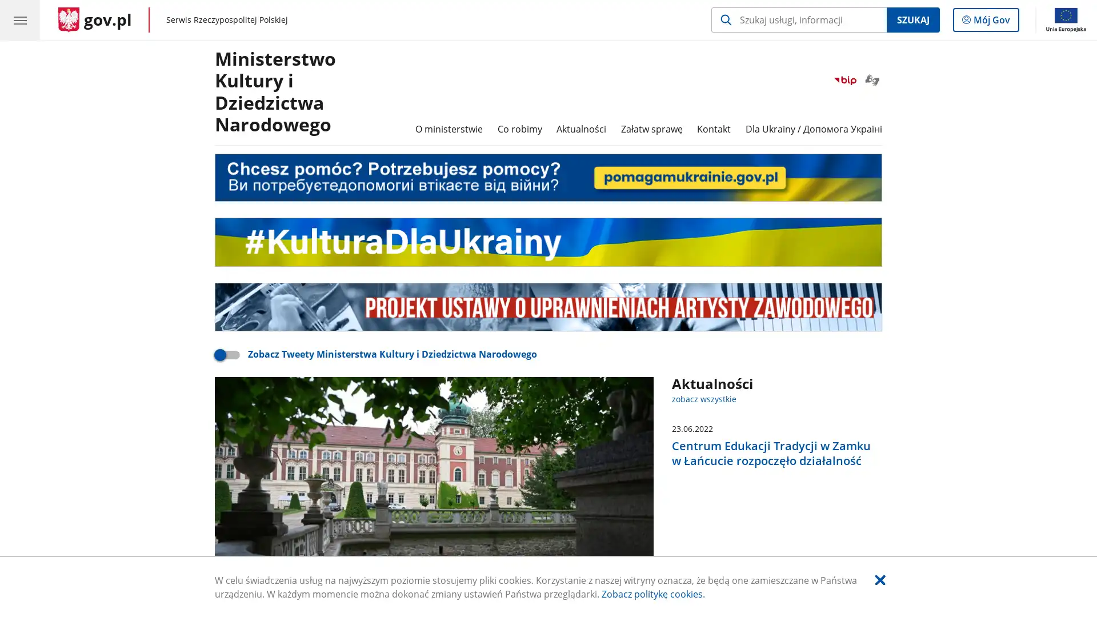 This screenshot has width=1097, height=617. Describe the element at coordinates (912, 19) in the screenshot. I see `SZUKAJ` at that location.